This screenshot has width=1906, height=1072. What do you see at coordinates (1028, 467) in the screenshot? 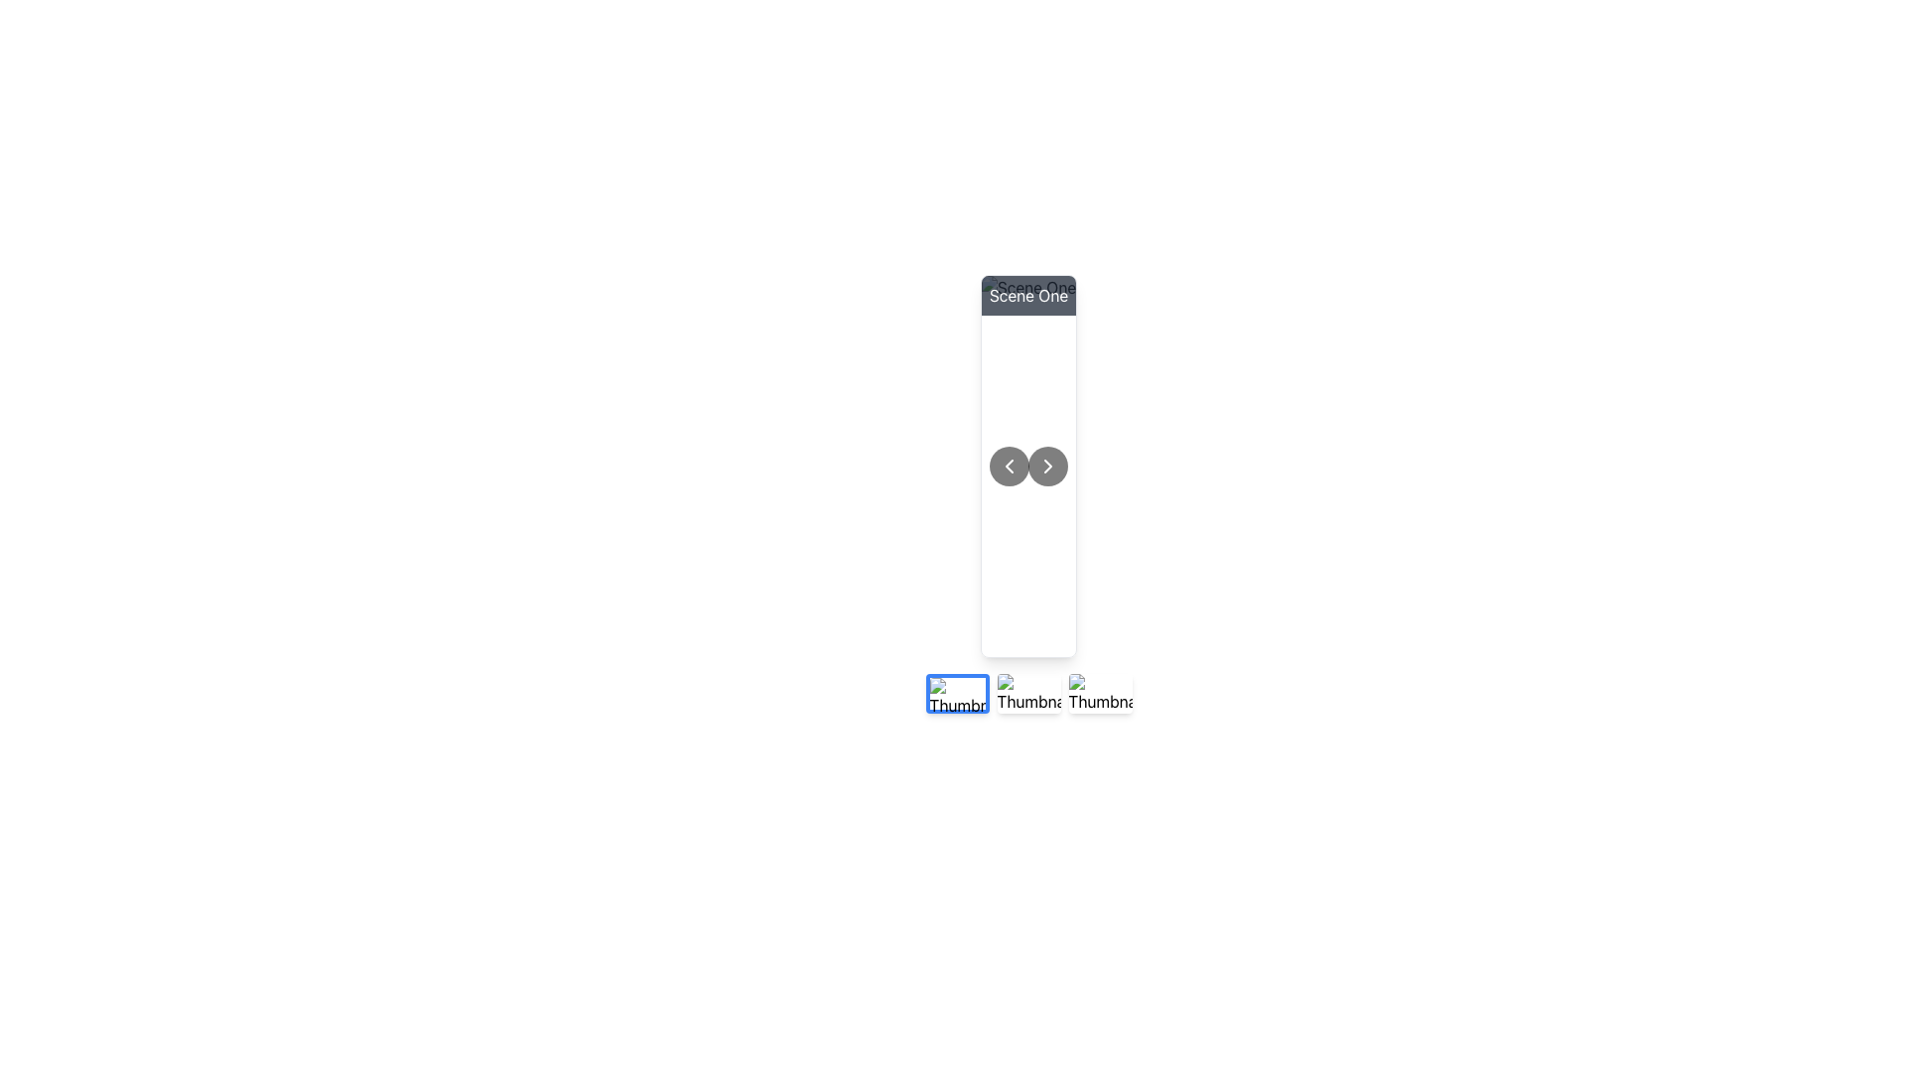
I see `another scene by clicking on the right navigation button of the 'Scene One' card, which features circular buttons with chevrons in the center` at bounding box center [1028, 467].